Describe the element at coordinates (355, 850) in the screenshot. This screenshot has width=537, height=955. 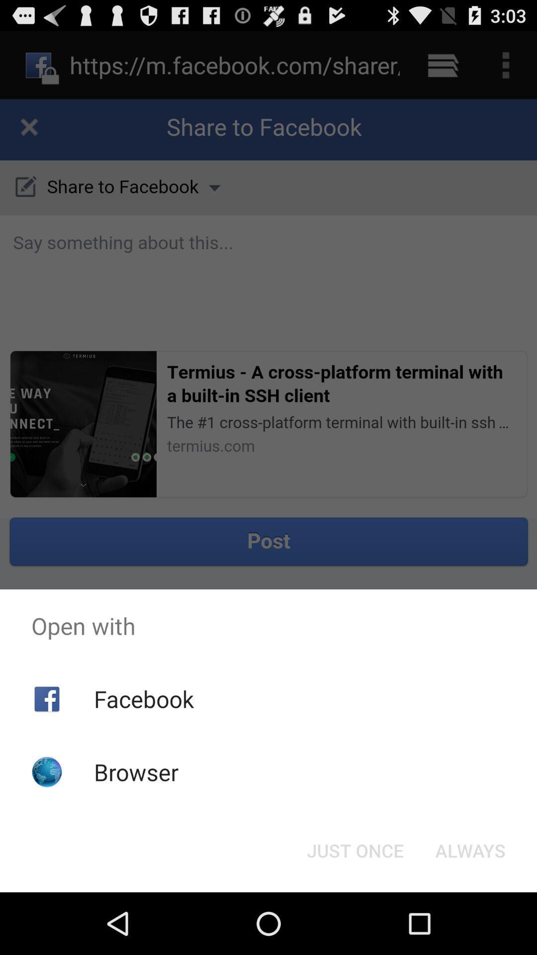
I see `the item to the left of always button` at that location.